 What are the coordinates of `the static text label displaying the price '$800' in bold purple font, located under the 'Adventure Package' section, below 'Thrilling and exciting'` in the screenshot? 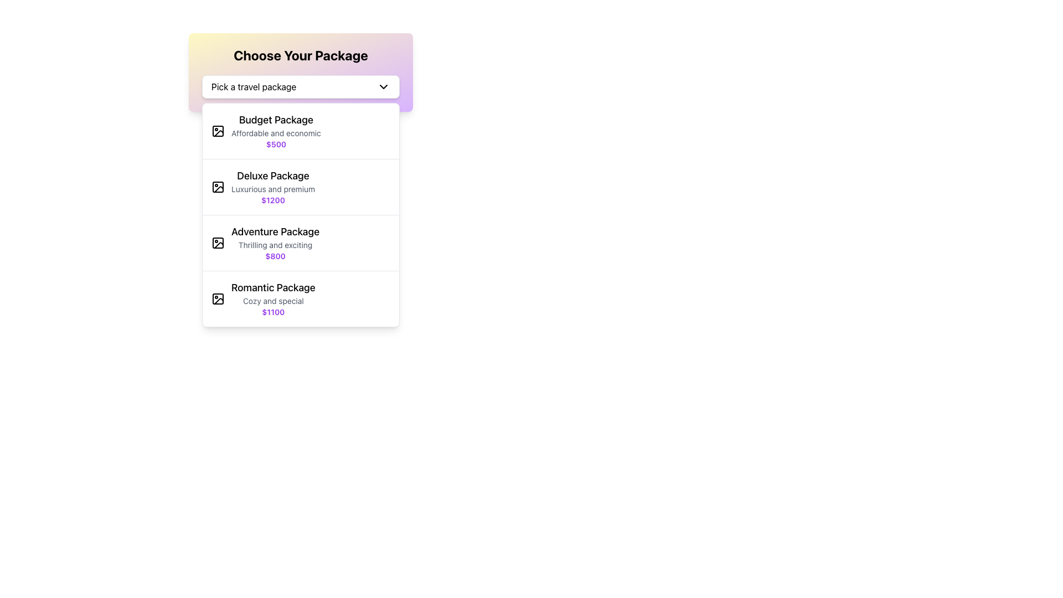 It's located at (275, 256).